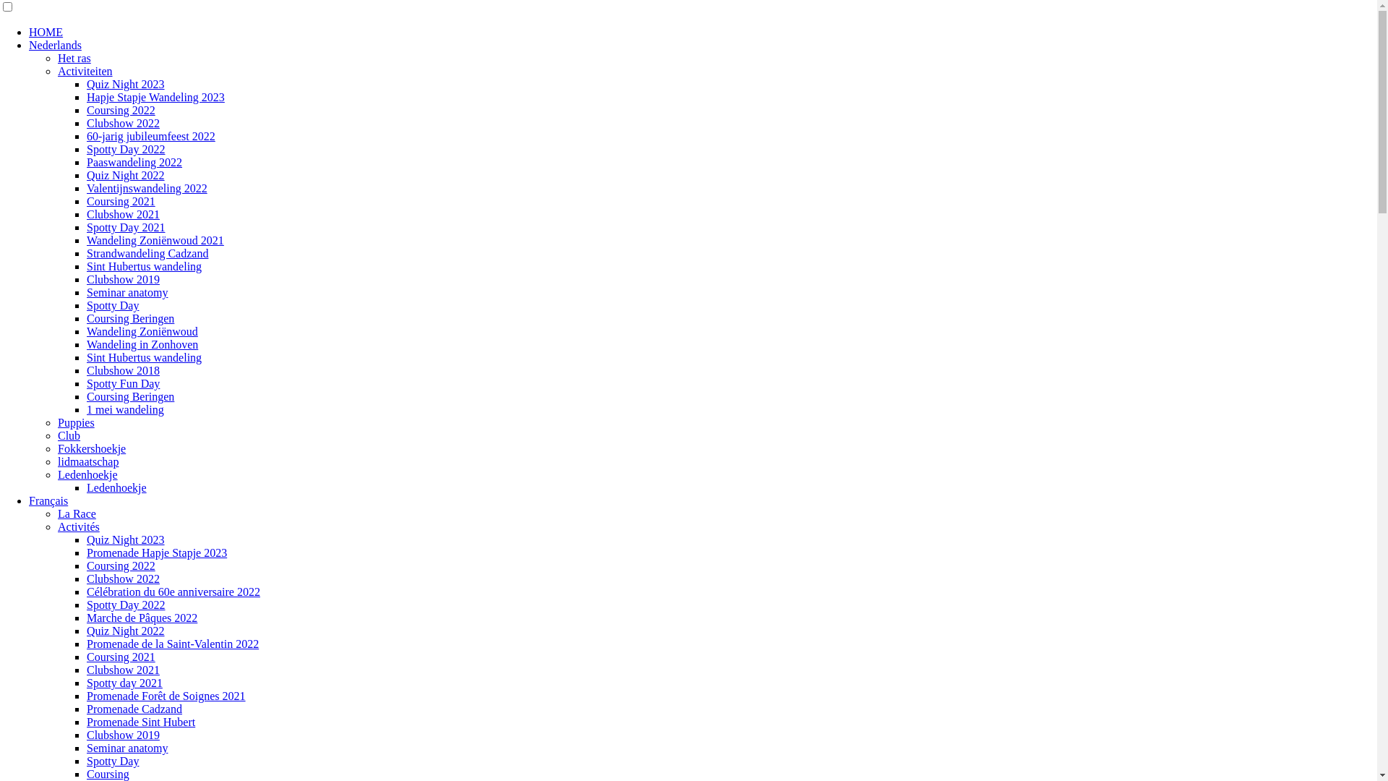  What do you see at coordinates (107, 773) in the screenshot?
I see `'Coursing'` at bounding box center [107, 773].